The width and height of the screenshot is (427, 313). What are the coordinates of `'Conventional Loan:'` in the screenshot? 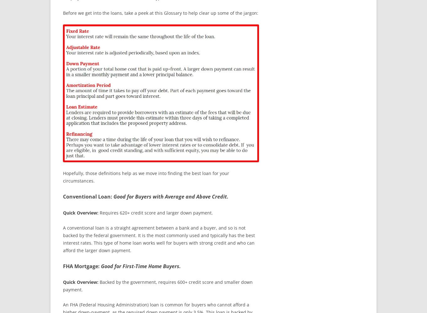 It's located at (88, 197).